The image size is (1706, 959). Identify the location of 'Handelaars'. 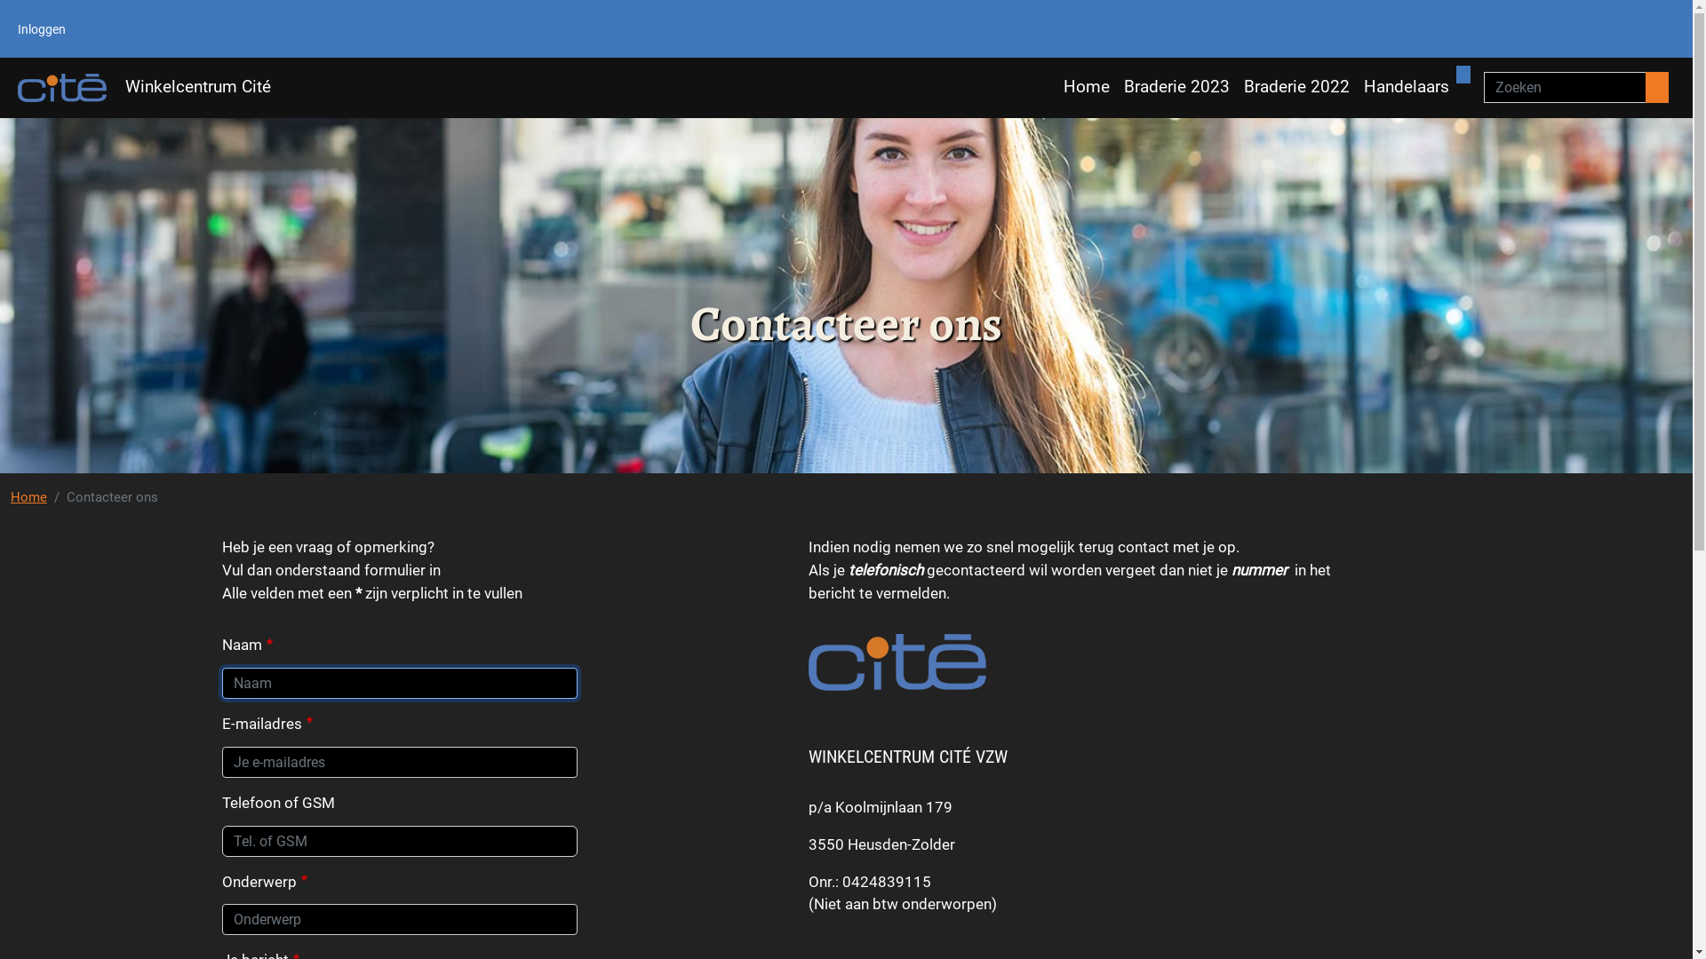
(1406, 87).